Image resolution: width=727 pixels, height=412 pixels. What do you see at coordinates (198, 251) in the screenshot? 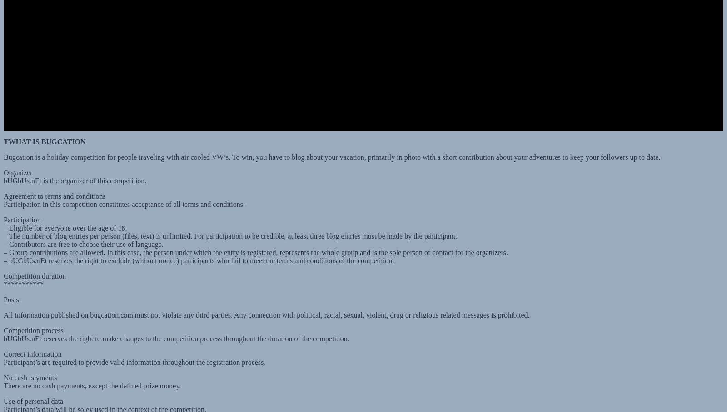
I see `'– bUGbUs.nEt reserves the right to exclude (without notice) participants who fail to meet the terms and conditions of the competition.'` at bounding box center [198, 251].